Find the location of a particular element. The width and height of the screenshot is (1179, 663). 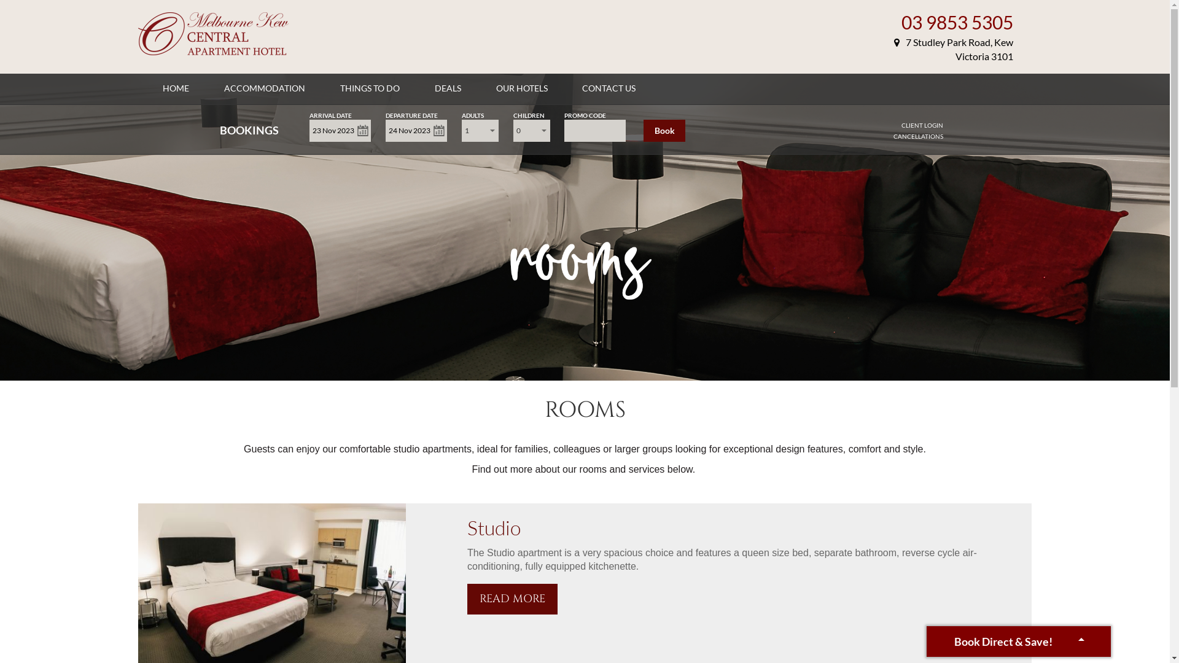

'READ MORE' is located at coordinates (512, 598).